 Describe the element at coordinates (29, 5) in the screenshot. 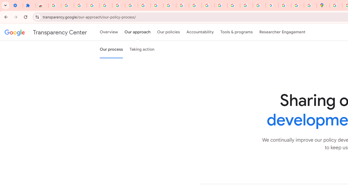

I see `'Extensions'` at that location.